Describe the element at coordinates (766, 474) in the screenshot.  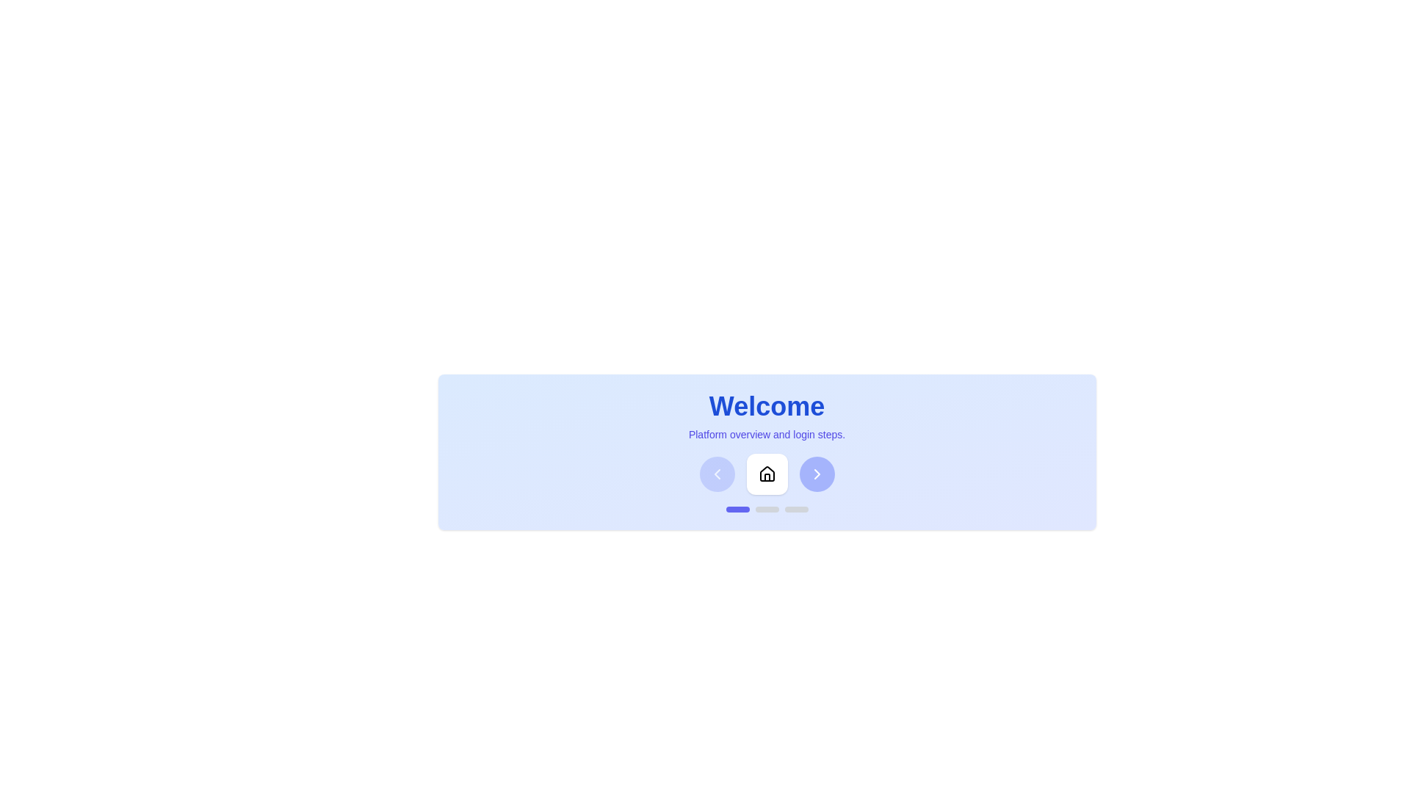
I see `the central icon in the component` at that location.